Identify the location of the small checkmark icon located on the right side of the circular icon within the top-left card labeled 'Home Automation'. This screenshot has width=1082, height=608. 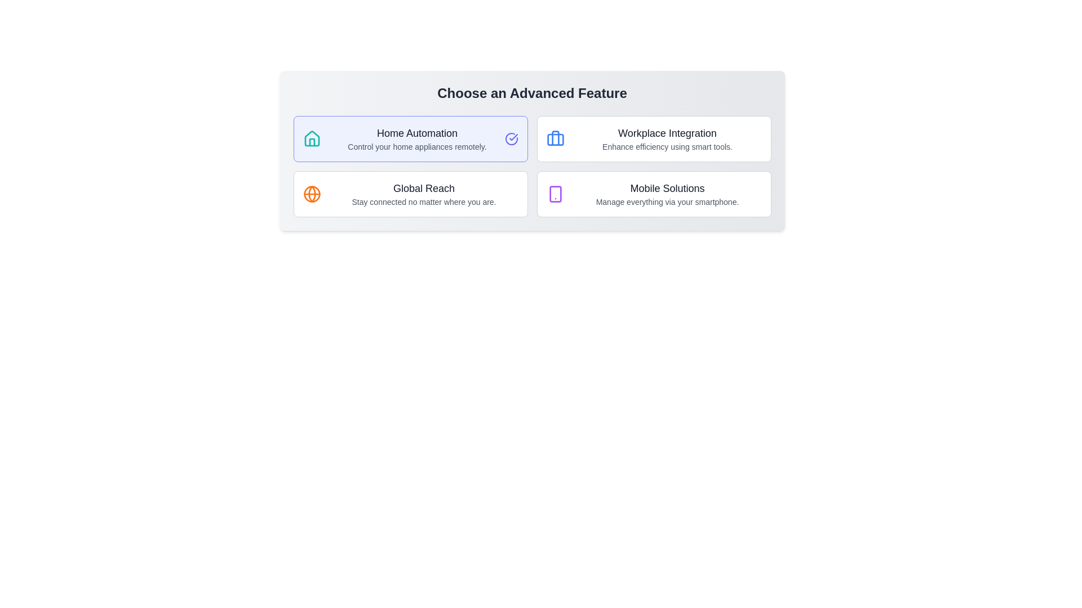
(513, 136).